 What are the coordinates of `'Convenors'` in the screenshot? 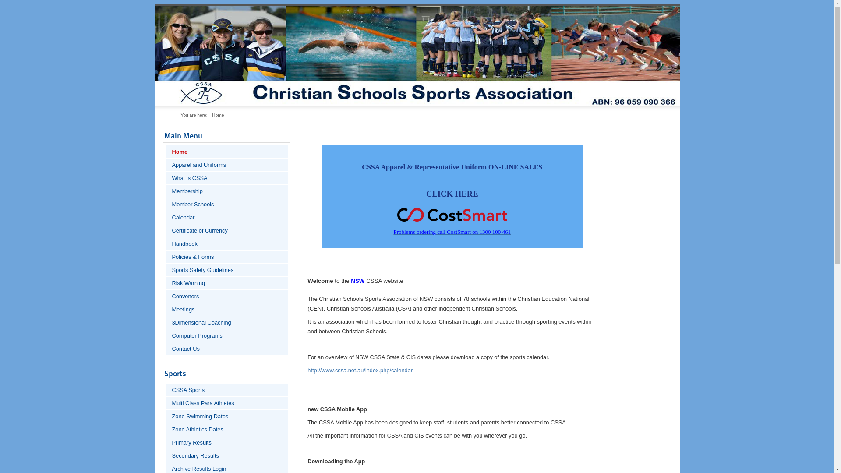 It's located at (227, 296).